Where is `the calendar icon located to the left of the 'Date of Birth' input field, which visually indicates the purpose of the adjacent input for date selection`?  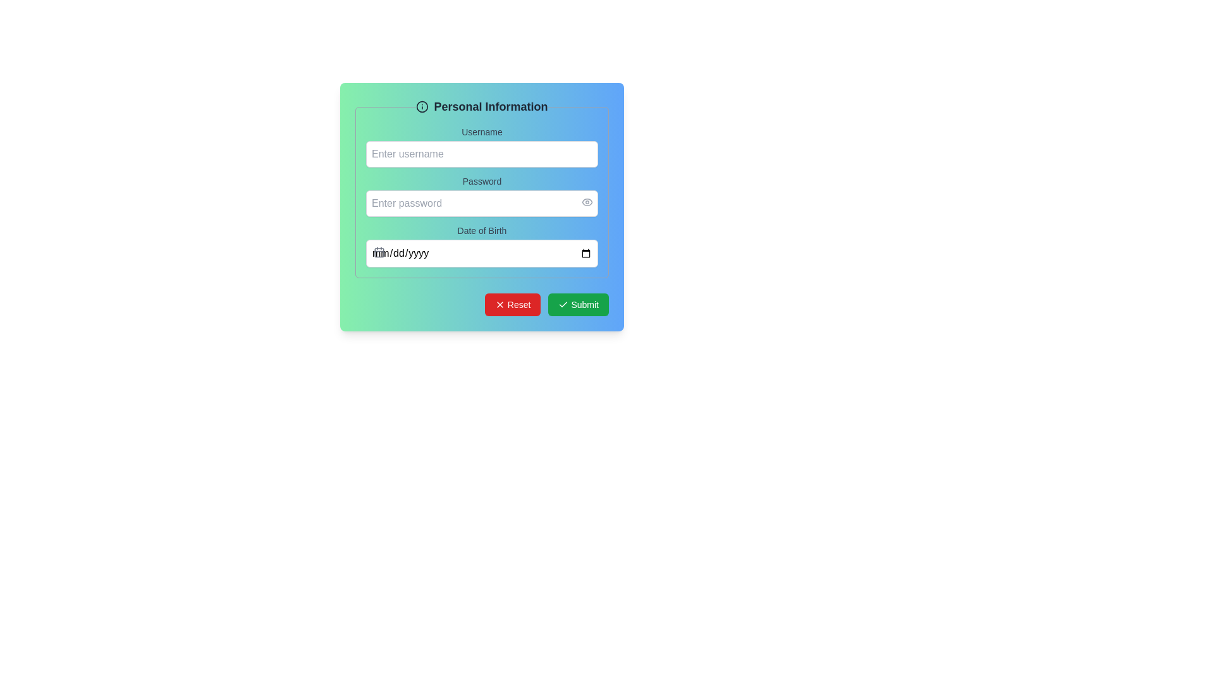 the calendar icon located to the left of the 'Date of Birth' input field, which visually indicates the purpose of the adjacent input for date selection is located at coordinates (379, 252).